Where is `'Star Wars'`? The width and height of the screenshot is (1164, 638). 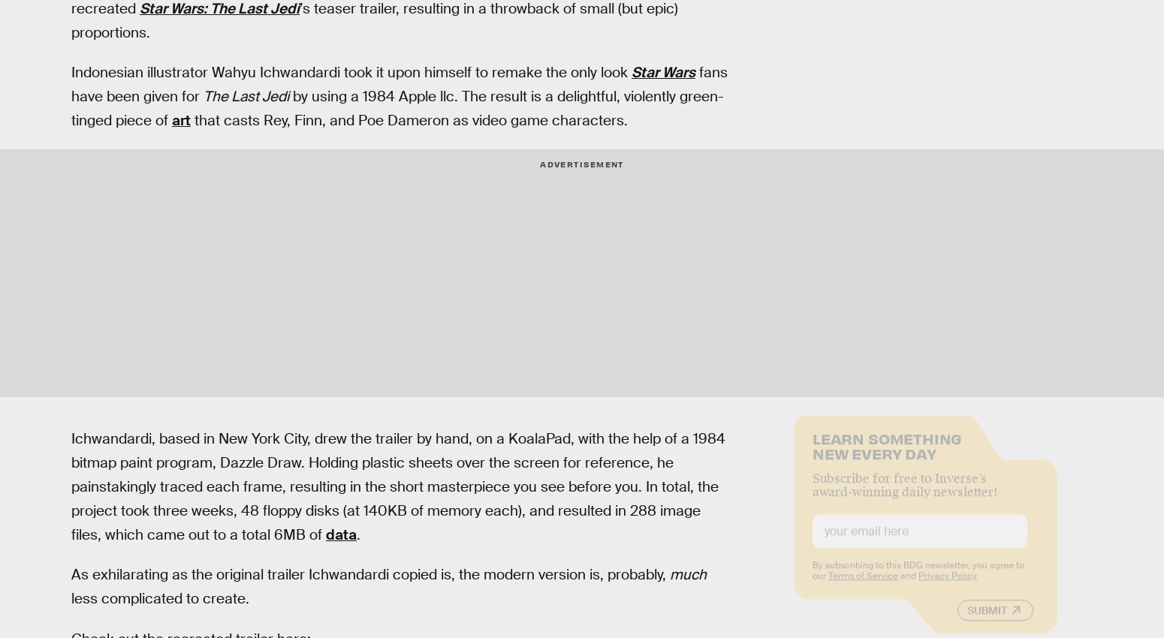 'Star Wars' is located at coordinates (663, 71).